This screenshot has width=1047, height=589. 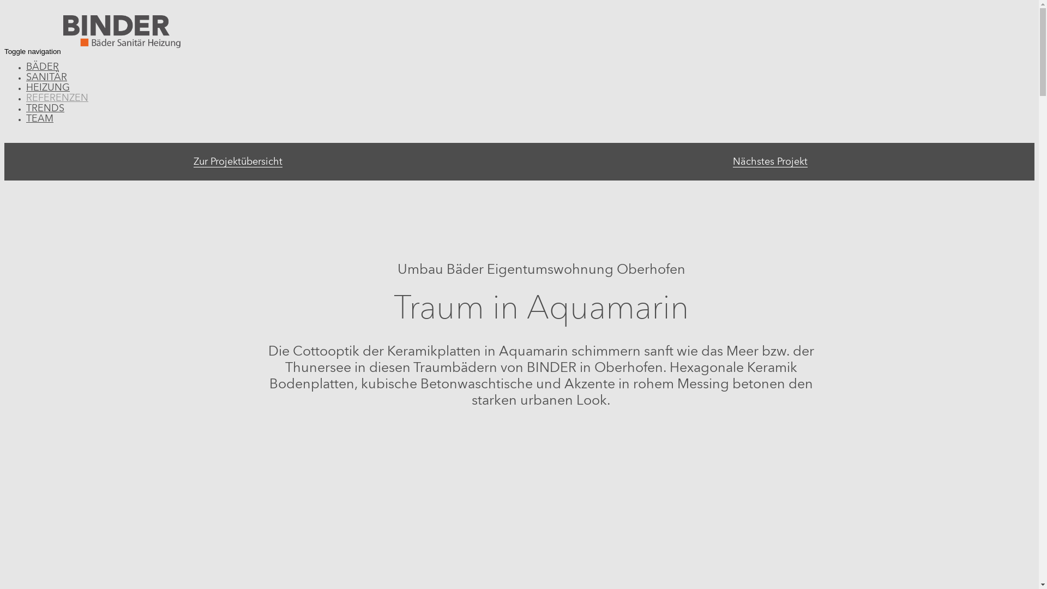 I want to click on 'HEIZUNG', so click(x=47, y=84).